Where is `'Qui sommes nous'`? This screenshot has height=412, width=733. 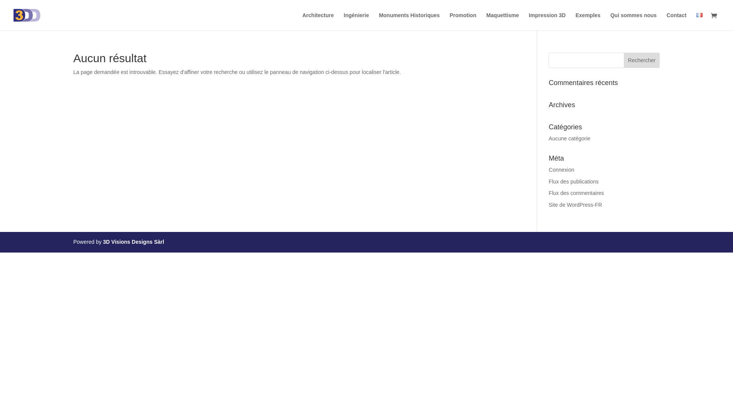
'Qui sommes nous' is located at coordinates (633, 21).